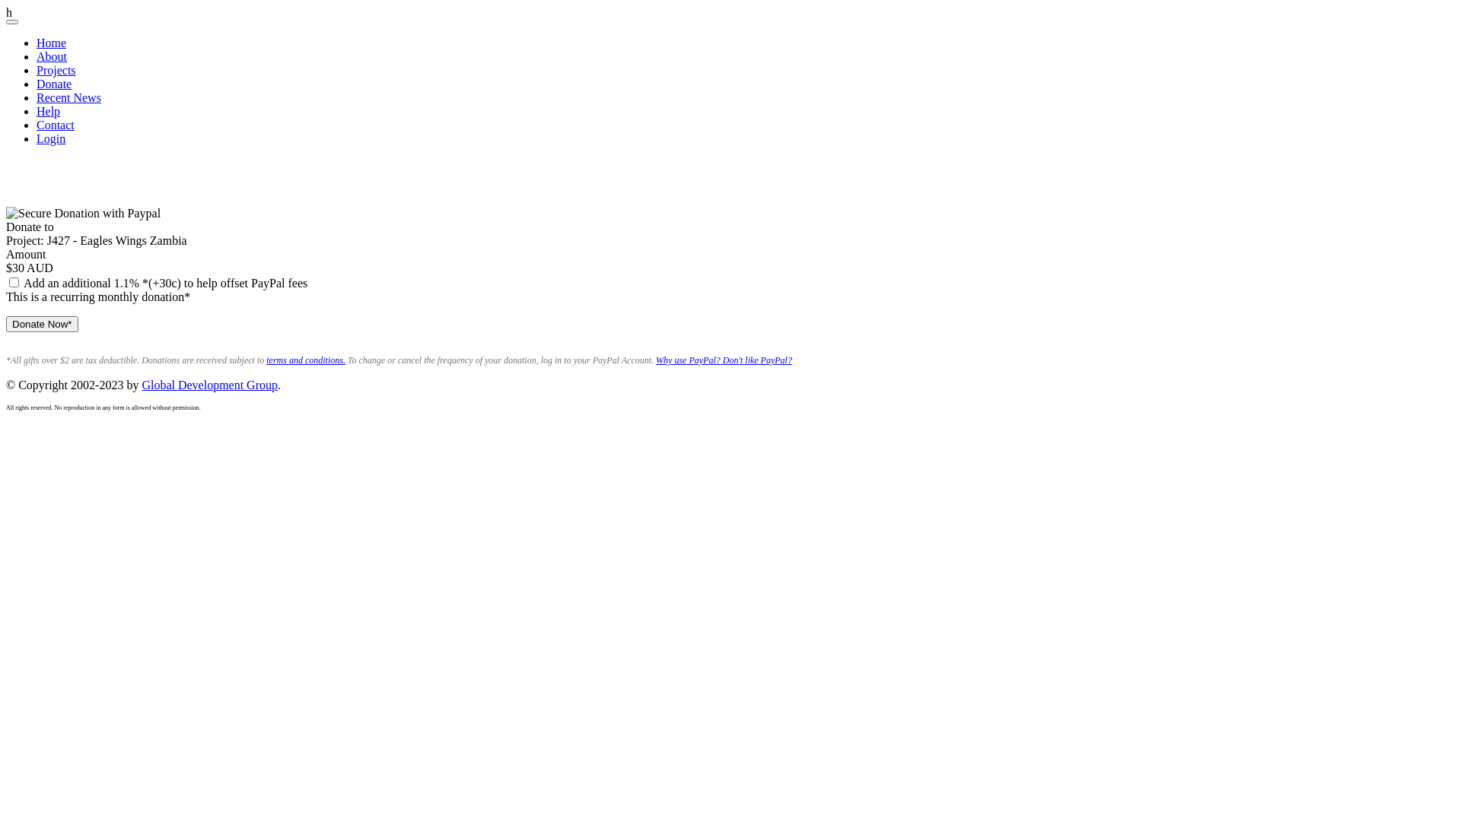 The height and width of the screenshot is (821, 1461). I want to click on 'Help', so click(48, 110).